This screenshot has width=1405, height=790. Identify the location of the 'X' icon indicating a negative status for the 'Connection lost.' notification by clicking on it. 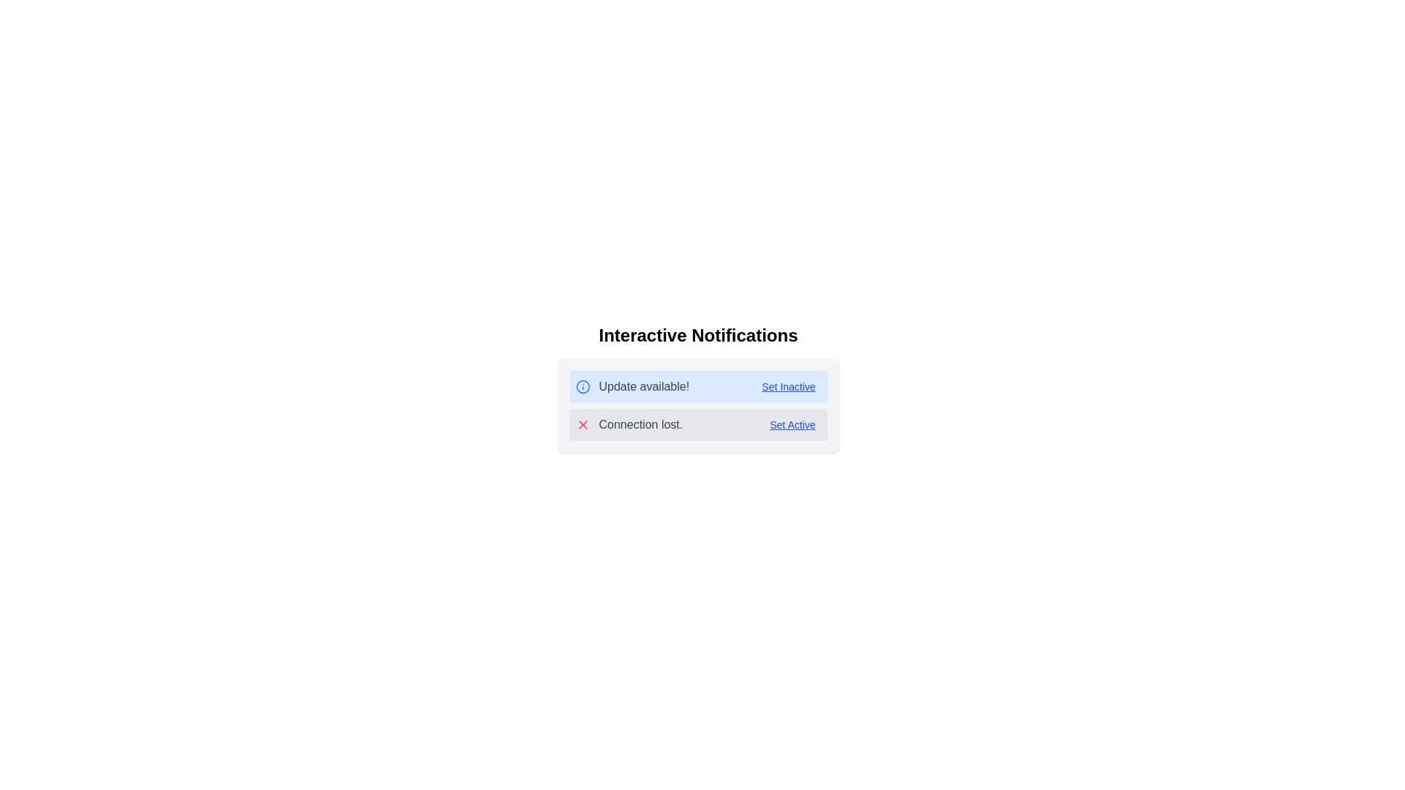
(582, 425).